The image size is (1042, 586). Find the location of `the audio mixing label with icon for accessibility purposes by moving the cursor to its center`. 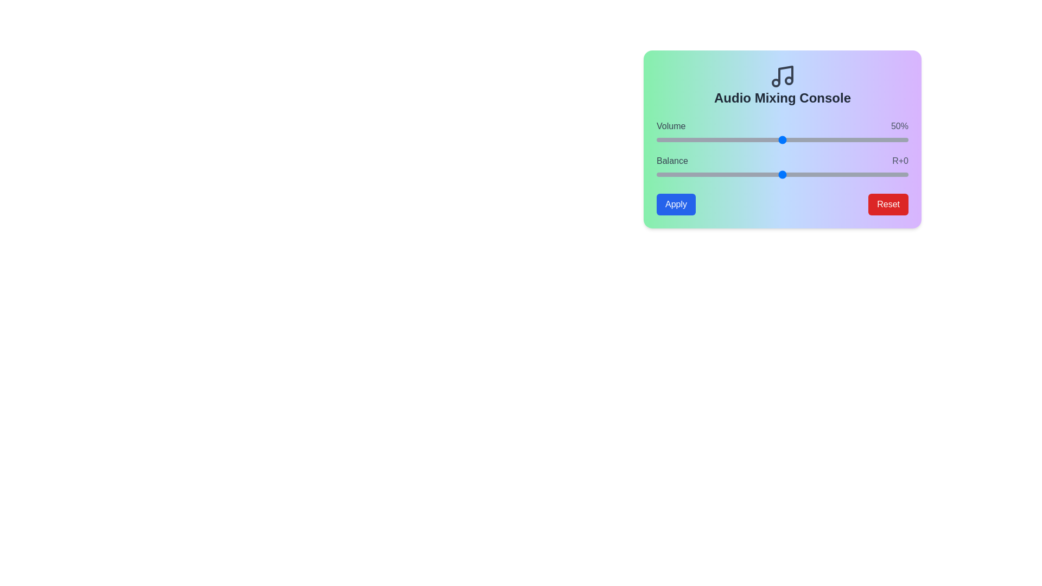

the audio mixing label with icon for accessibility purposes by moving the cursor to its center is located at coordinates (782, 85).